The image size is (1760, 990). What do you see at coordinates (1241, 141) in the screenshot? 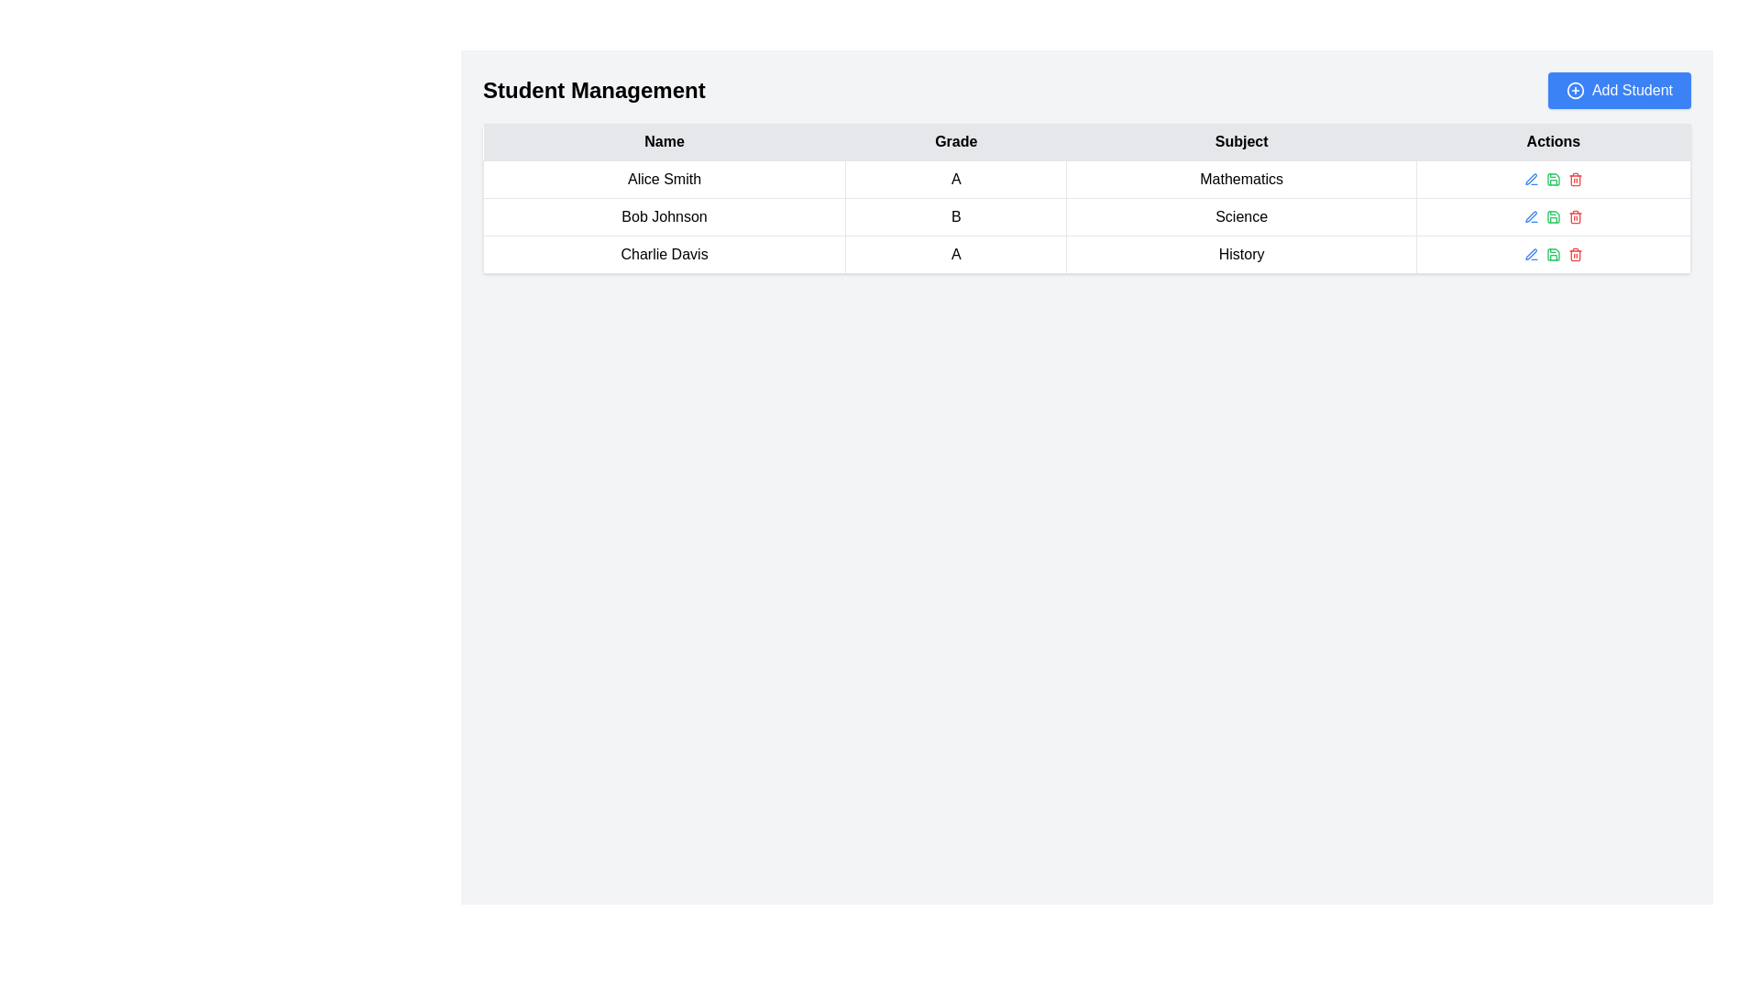
I see `the Table Header Cell labeled 'Subject', which is the third column header in the table, positioned between 'Grade' and 'Actions'` at bounding box center [1241, 141].